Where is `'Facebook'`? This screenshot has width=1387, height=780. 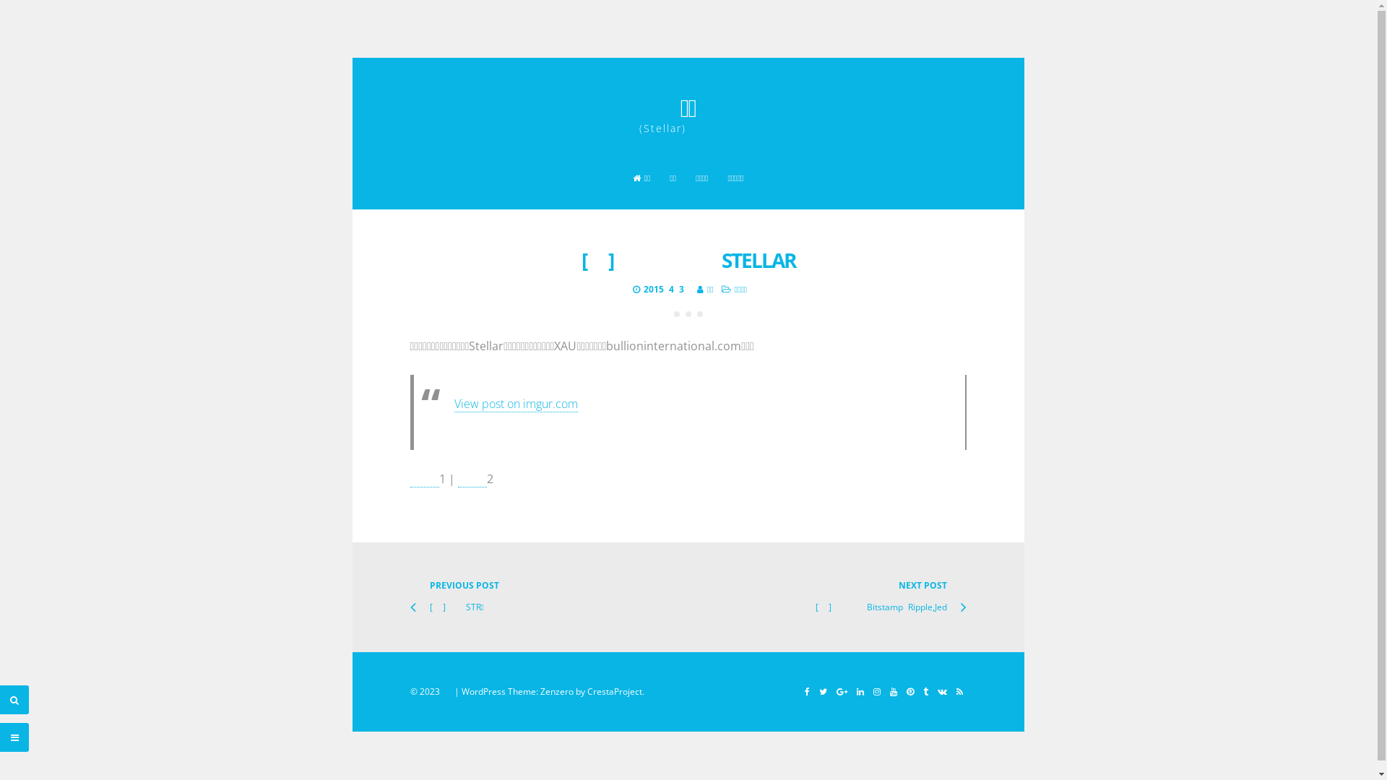
'Facebook' is located at coordinates (805, 690).